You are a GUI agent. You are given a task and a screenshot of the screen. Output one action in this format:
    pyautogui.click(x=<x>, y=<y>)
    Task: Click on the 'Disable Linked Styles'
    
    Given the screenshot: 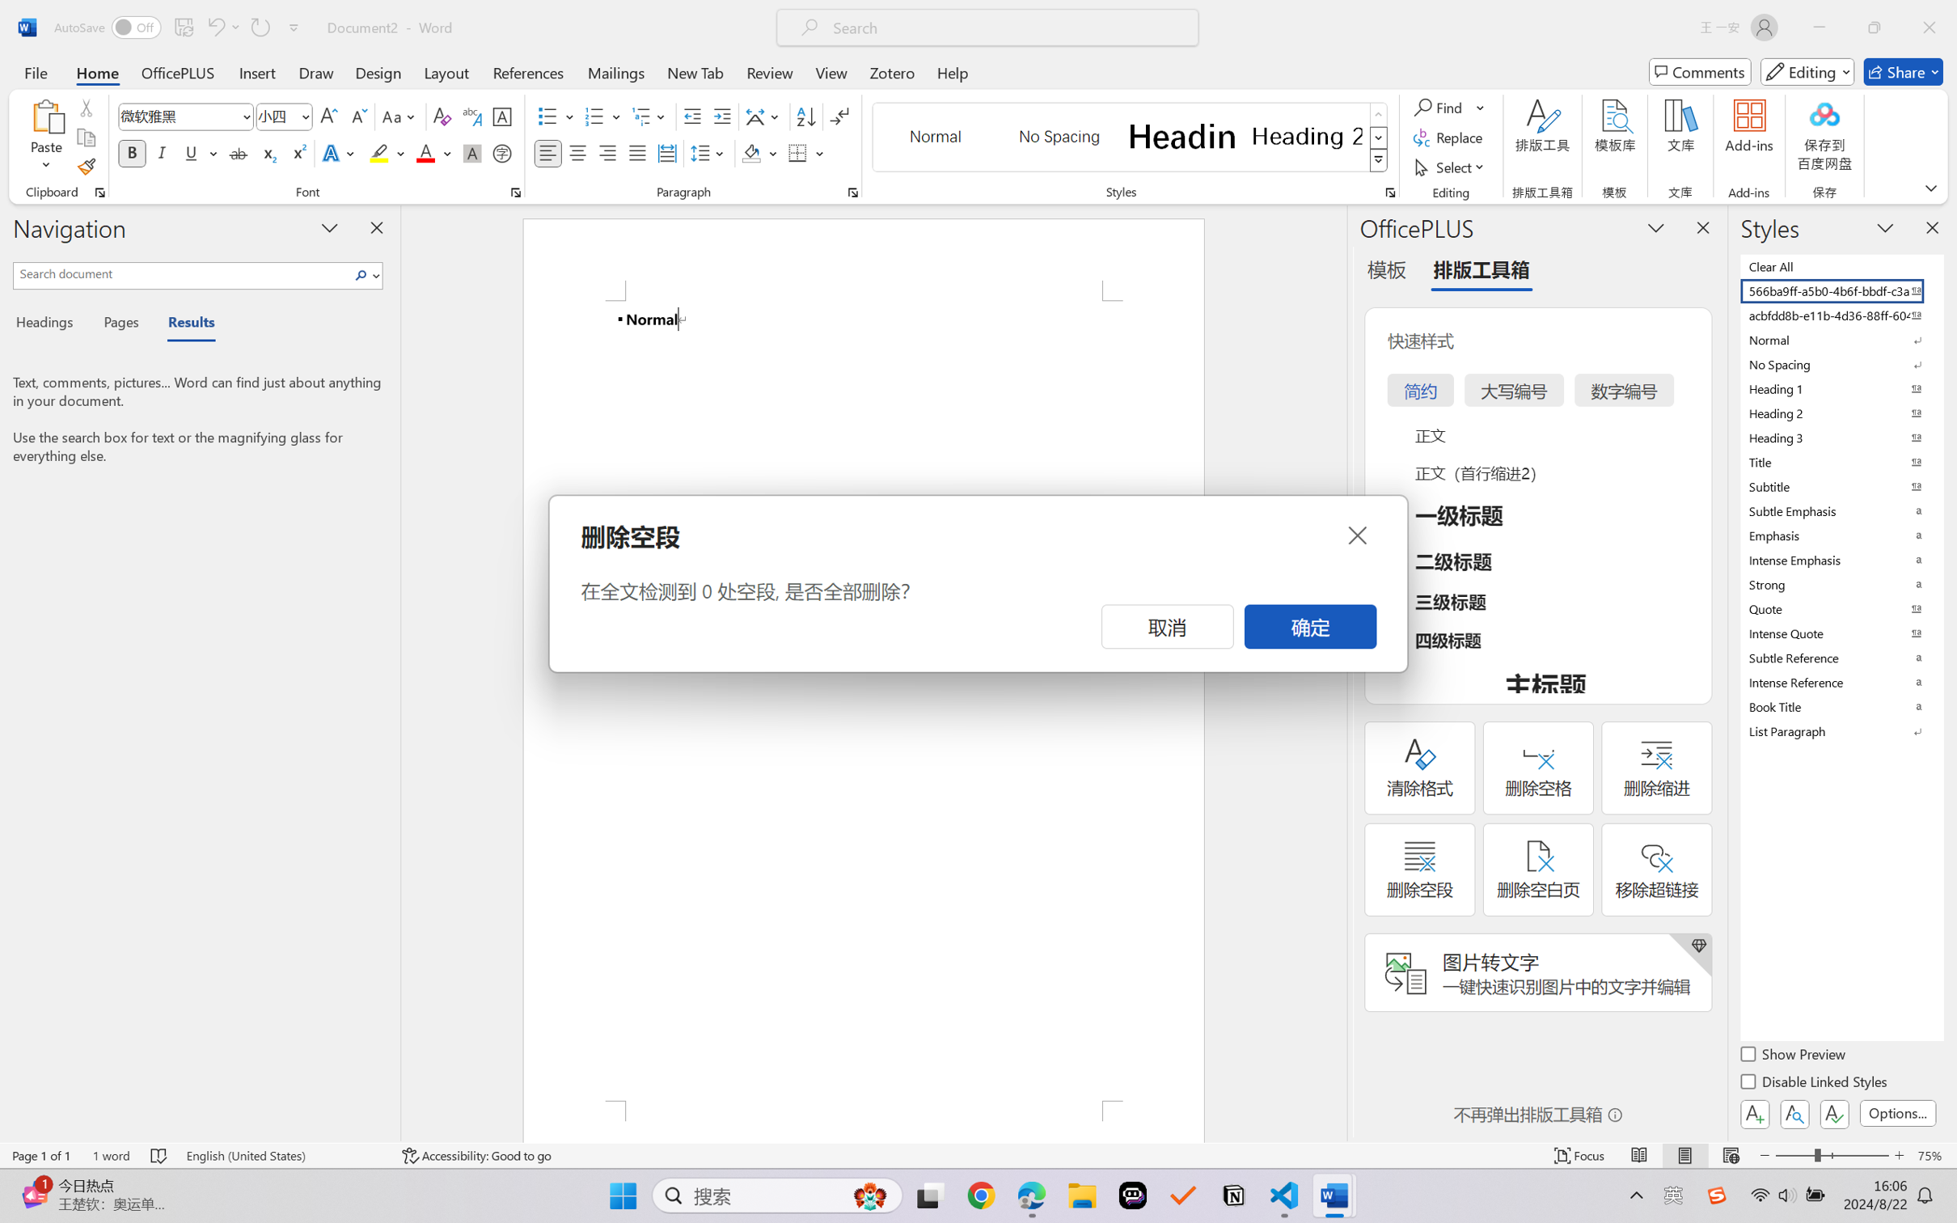 What is the action you would take?
    pyautogui.click(x=1814, y=1083)
    